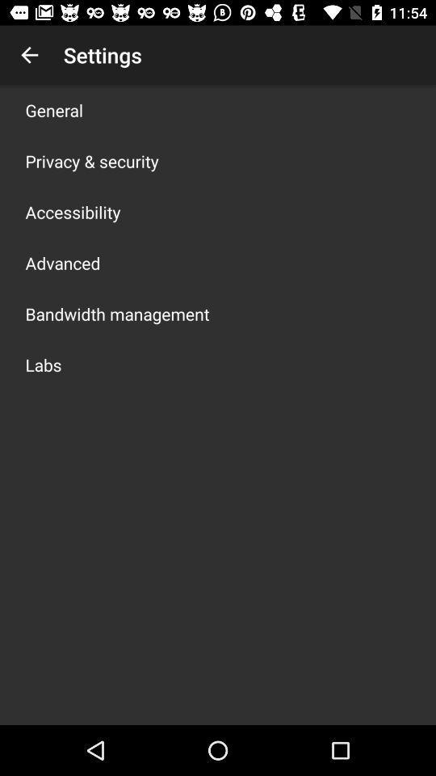 This screenshot has width=436, height=776. I want to click on the app next to the settings app, so click(29, 55).